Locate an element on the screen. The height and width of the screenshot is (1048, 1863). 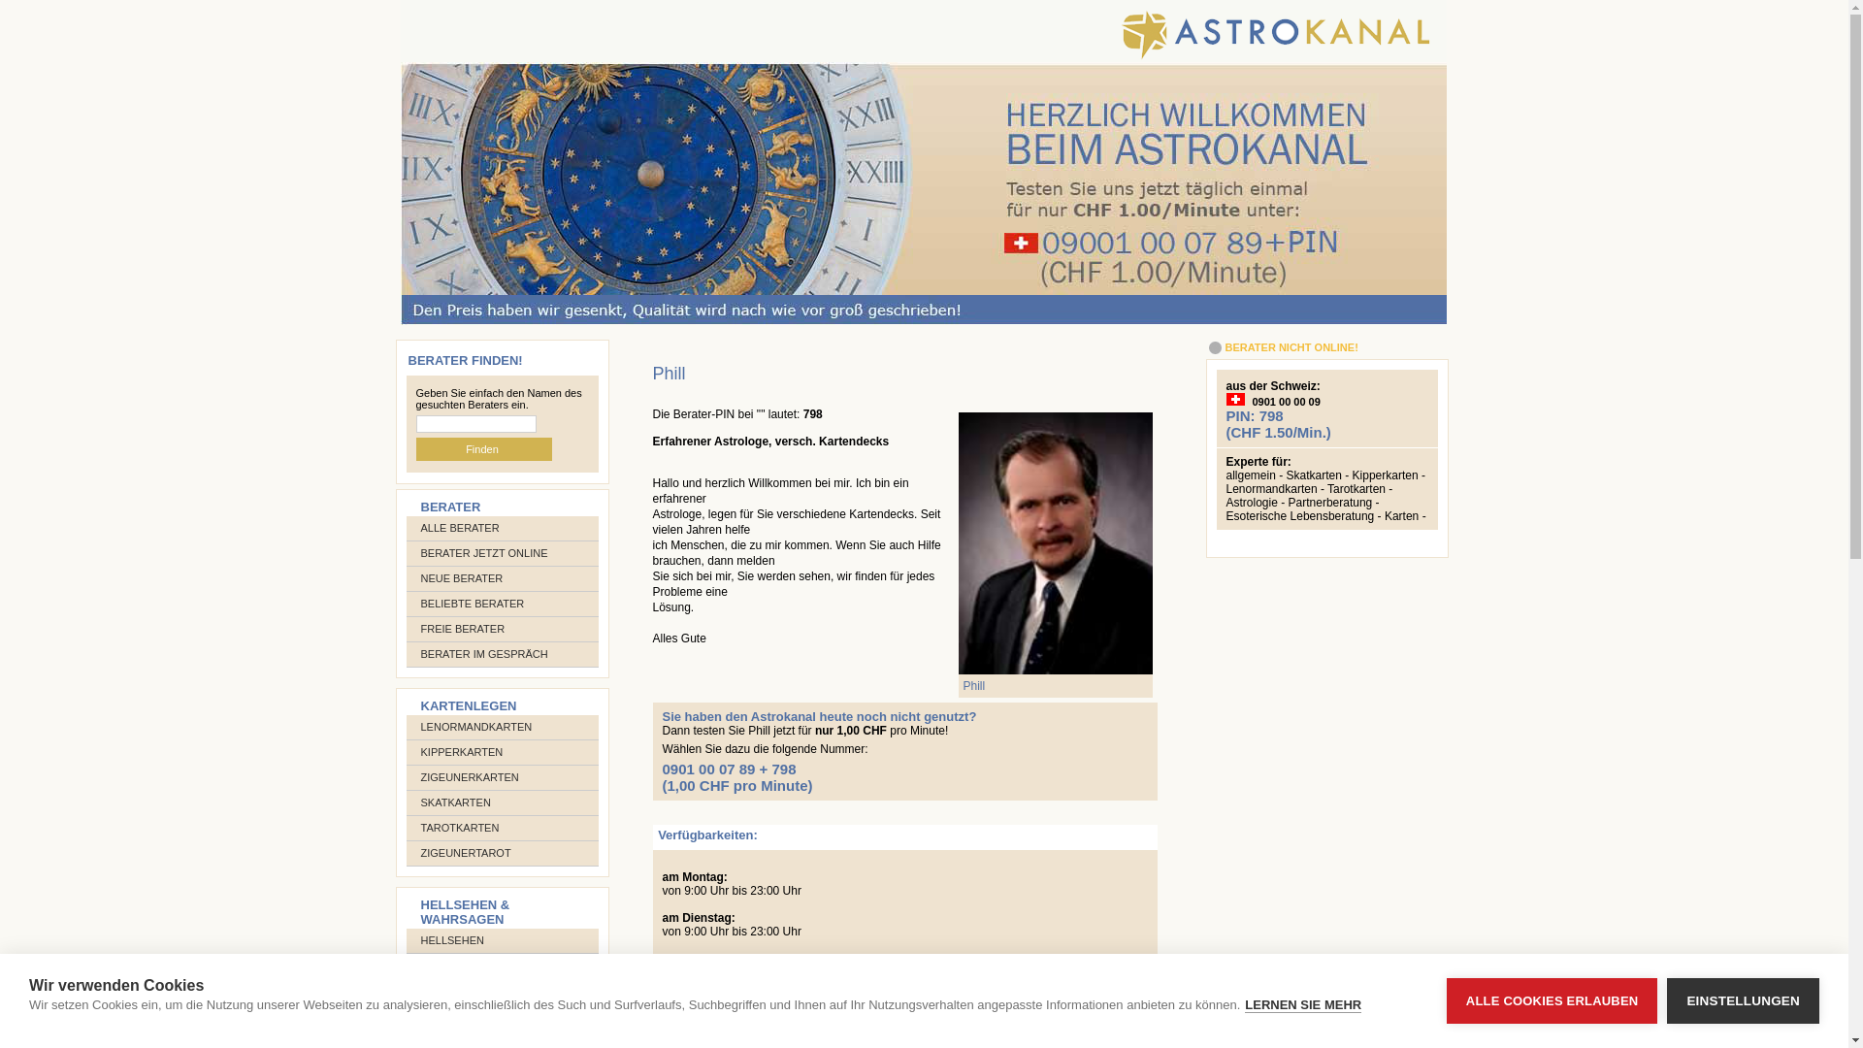
'BERATER' is located at coordinates (450, 506).